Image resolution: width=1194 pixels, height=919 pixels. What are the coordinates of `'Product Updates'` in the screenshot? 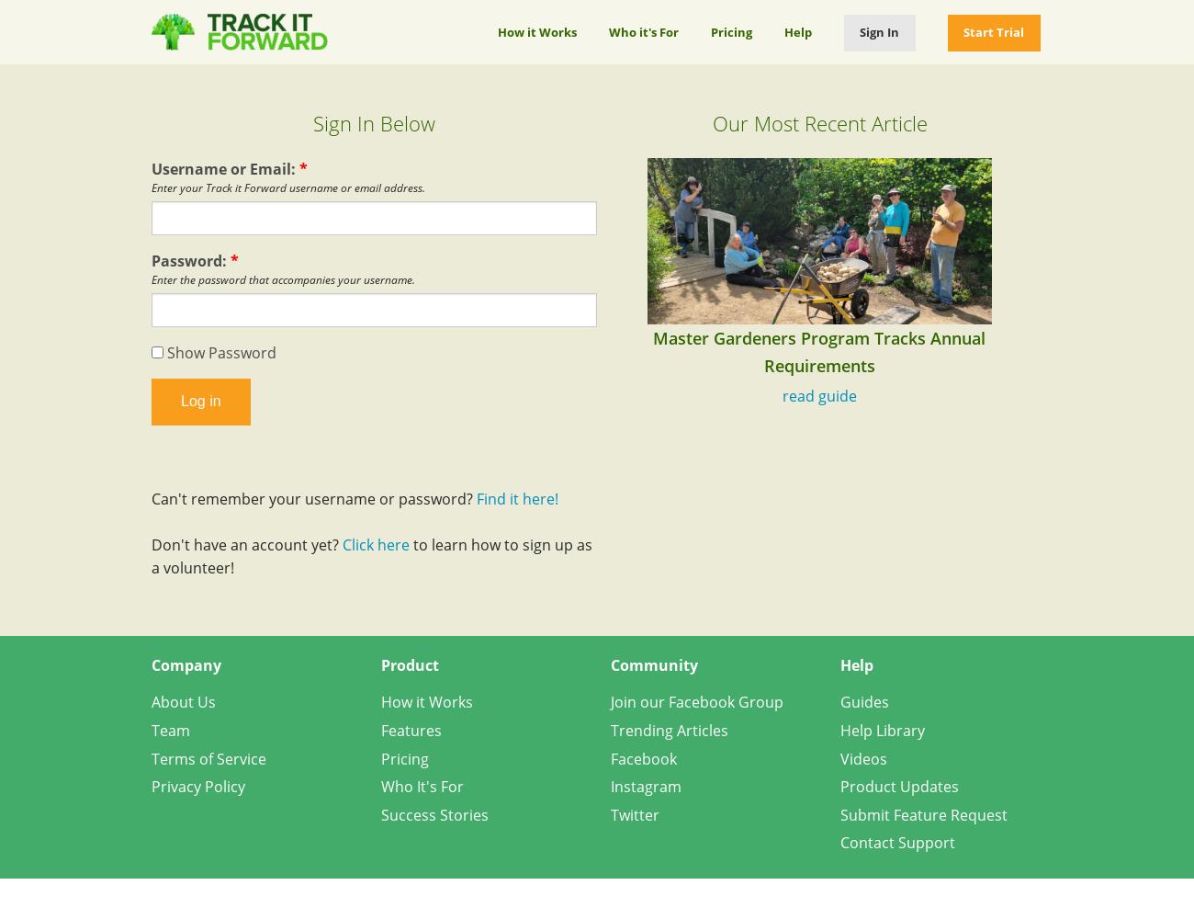 It's located at (898, 786).